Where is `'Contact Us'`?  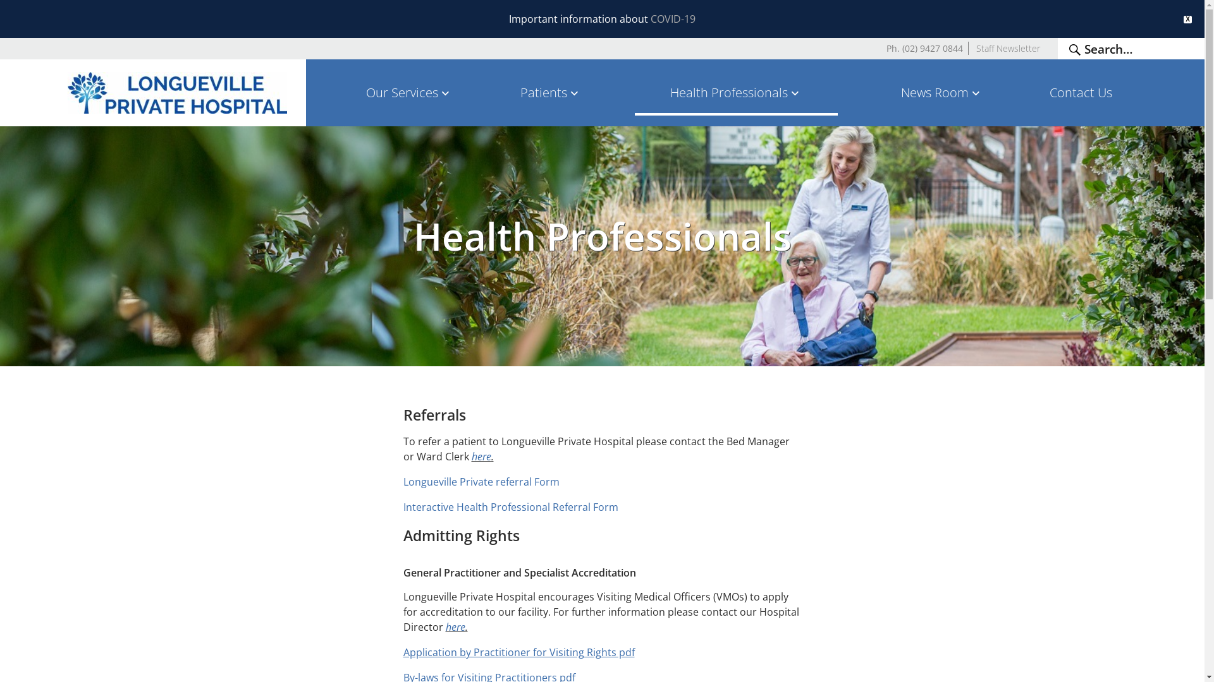
'Contact Us' is located at coordinates (1080, 92).